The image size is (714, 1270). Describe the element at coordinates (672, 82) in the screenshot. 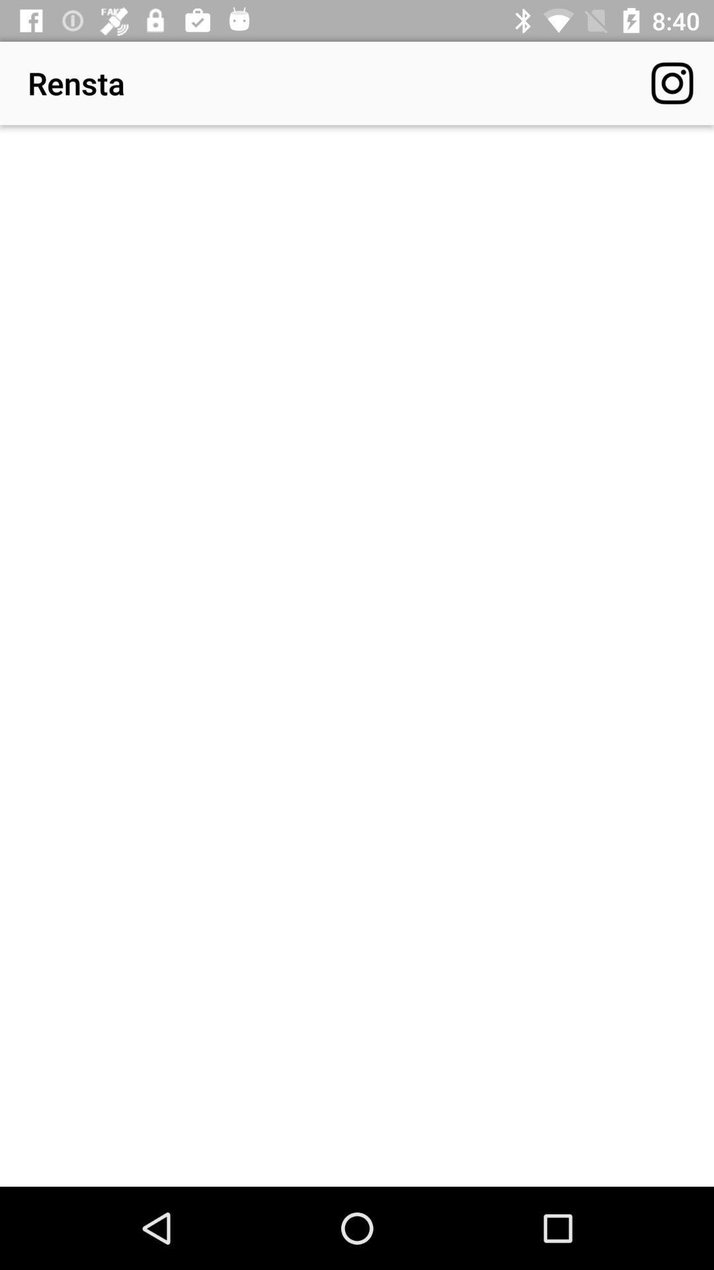

I see `the item at the top right corner` at that location.